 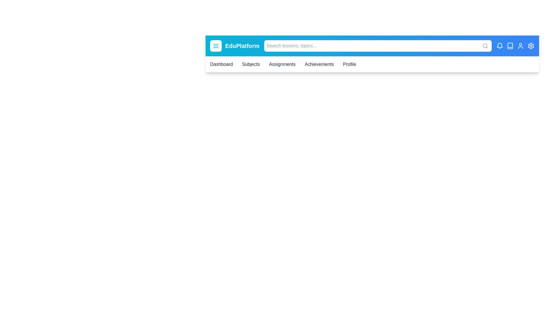 I want to click on the Profile link in the navigation bar to navigate to the corresponding section, so click(x=349, y=64).